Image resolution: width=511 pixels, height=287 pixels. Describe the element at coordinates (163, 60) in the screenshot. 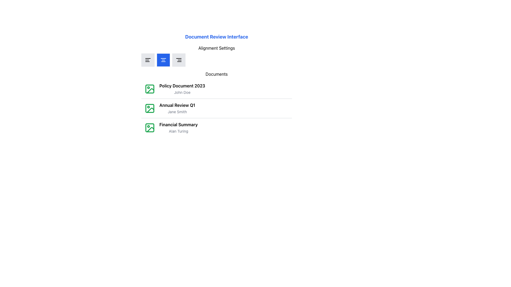

I see `the center alignment icon button, which is the middle blue icon among three alignment icons located at the top of the interface` at that location.